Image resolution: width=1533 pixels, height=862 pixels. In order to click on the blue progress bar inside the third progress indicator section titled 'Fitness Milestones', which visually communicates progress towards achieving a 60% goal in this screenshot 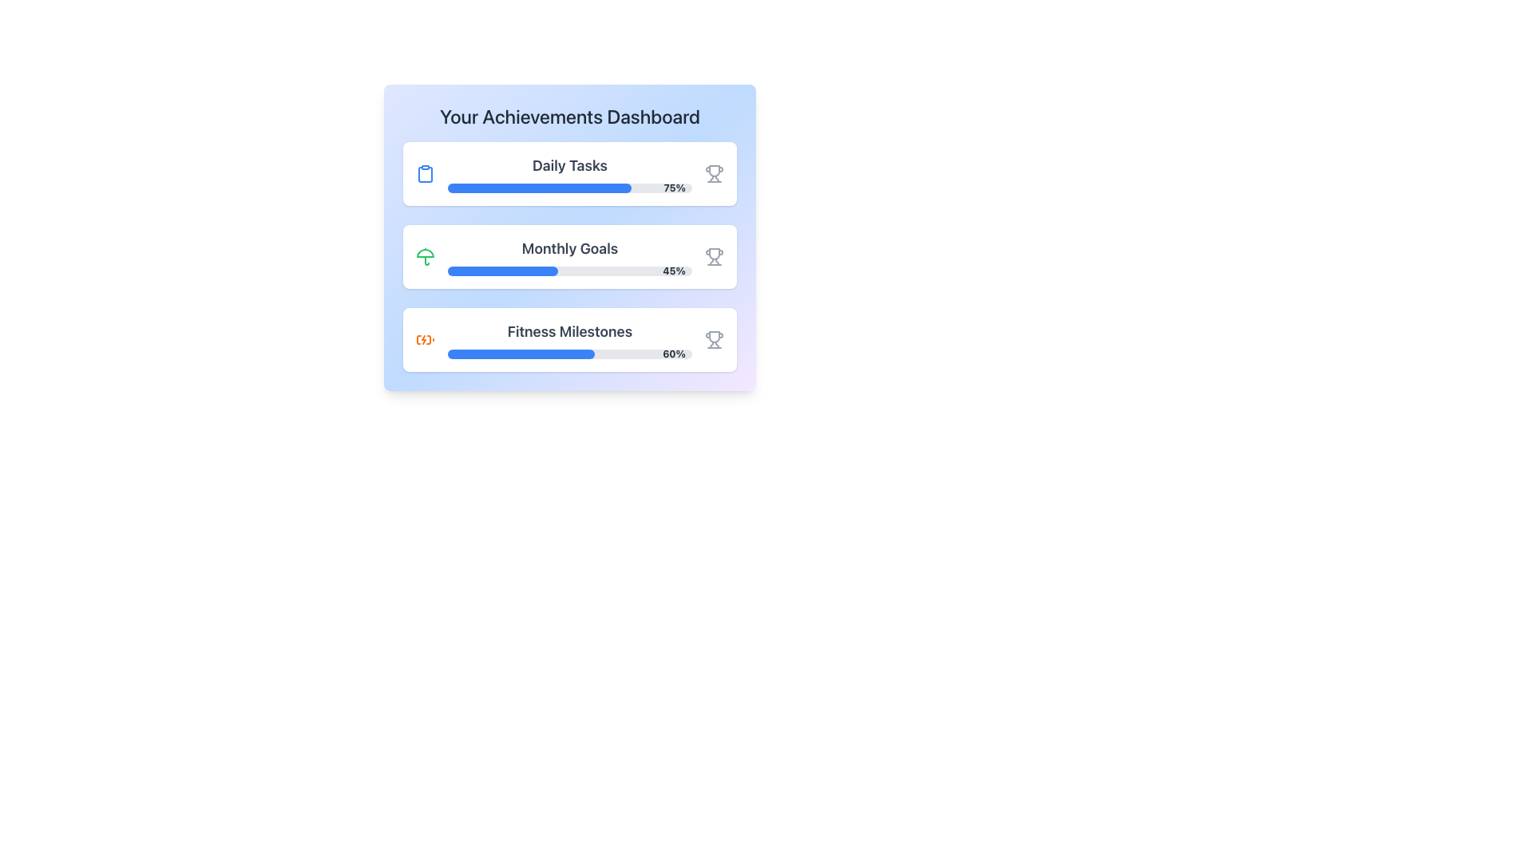, I will do `click(521, 353)`.